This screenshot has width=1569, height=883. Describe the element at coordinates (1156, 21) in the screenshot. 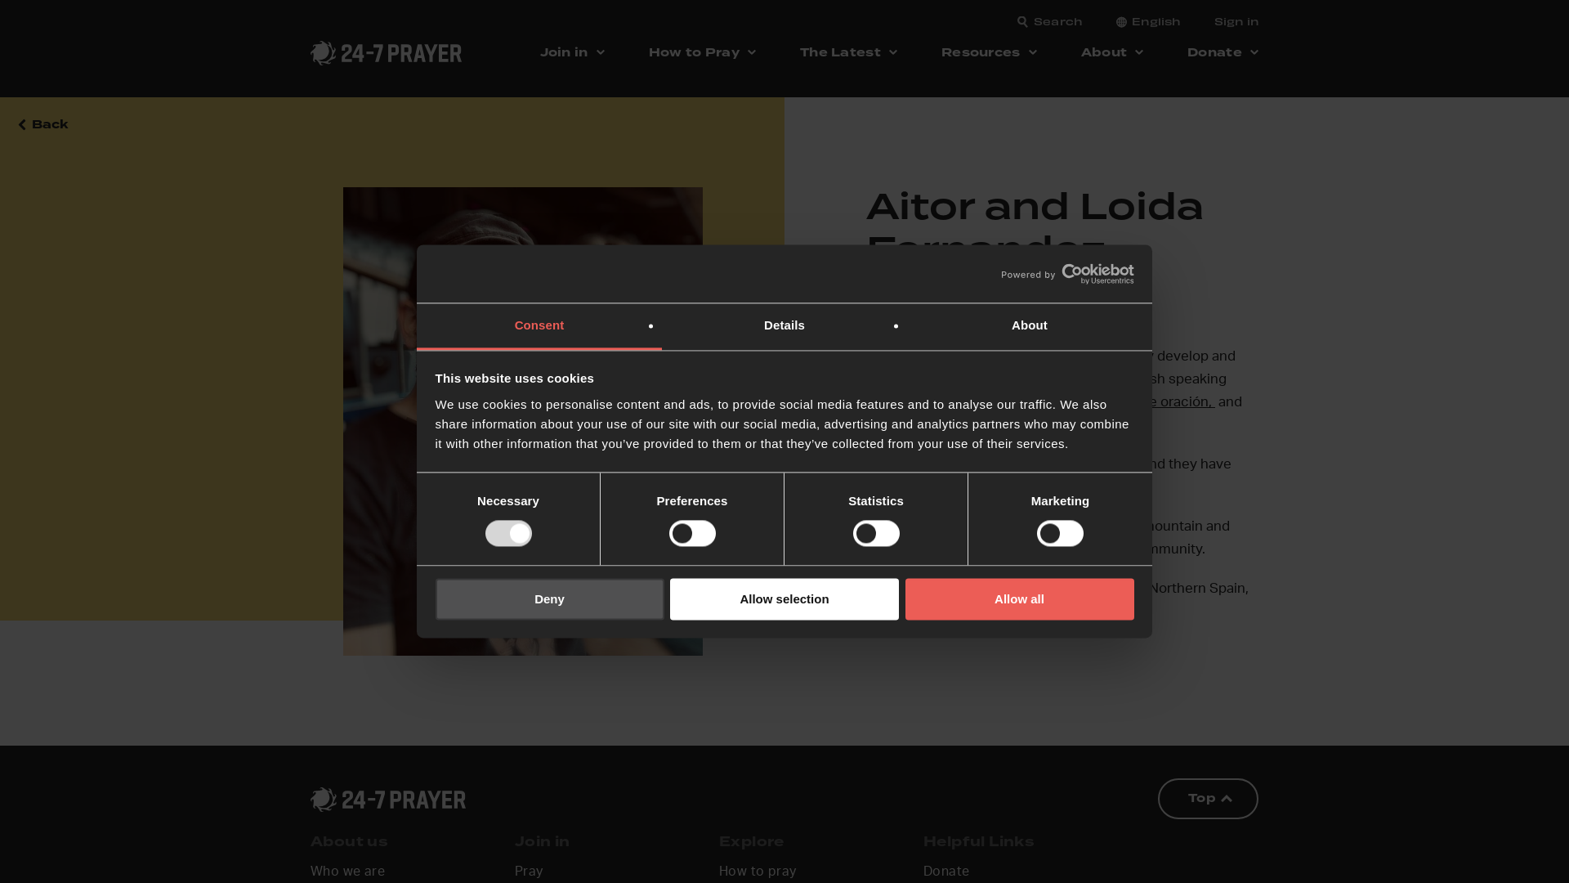

I see `'English'` at that location.